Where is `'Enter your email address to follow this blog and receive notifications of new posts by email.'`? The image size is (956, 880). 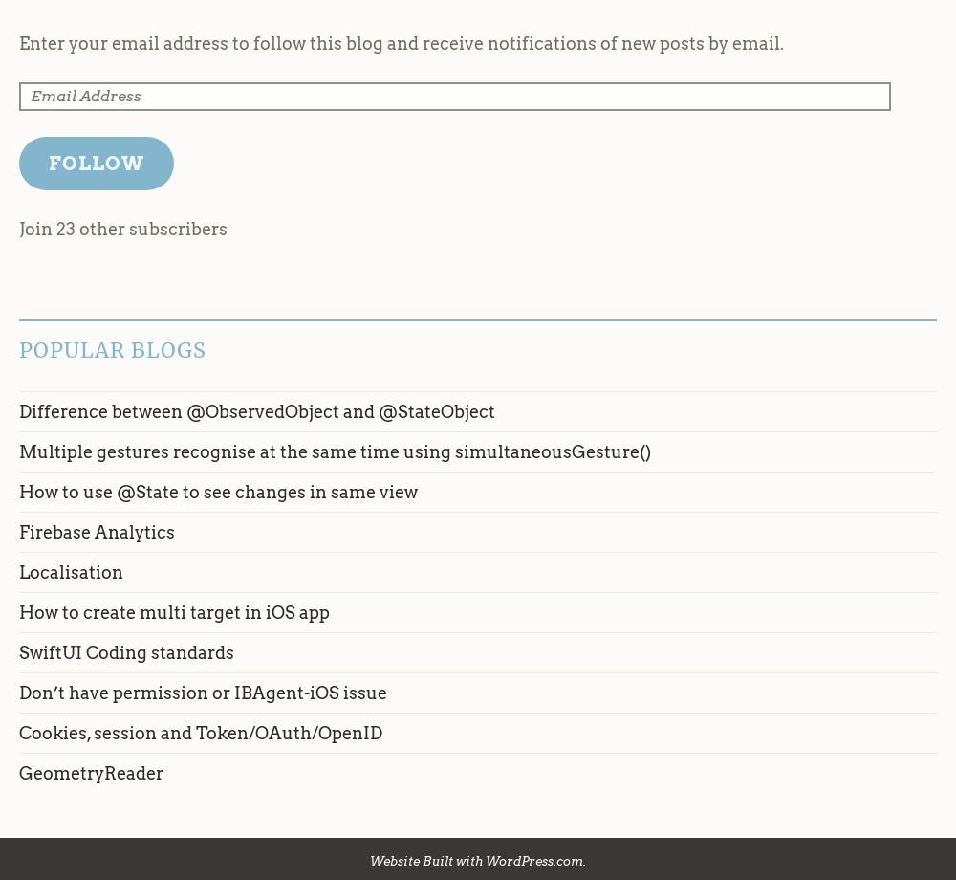 'Enter your email address to follow this blog and receive notifications of new posts by email.' is located at coordinates (402, 43).